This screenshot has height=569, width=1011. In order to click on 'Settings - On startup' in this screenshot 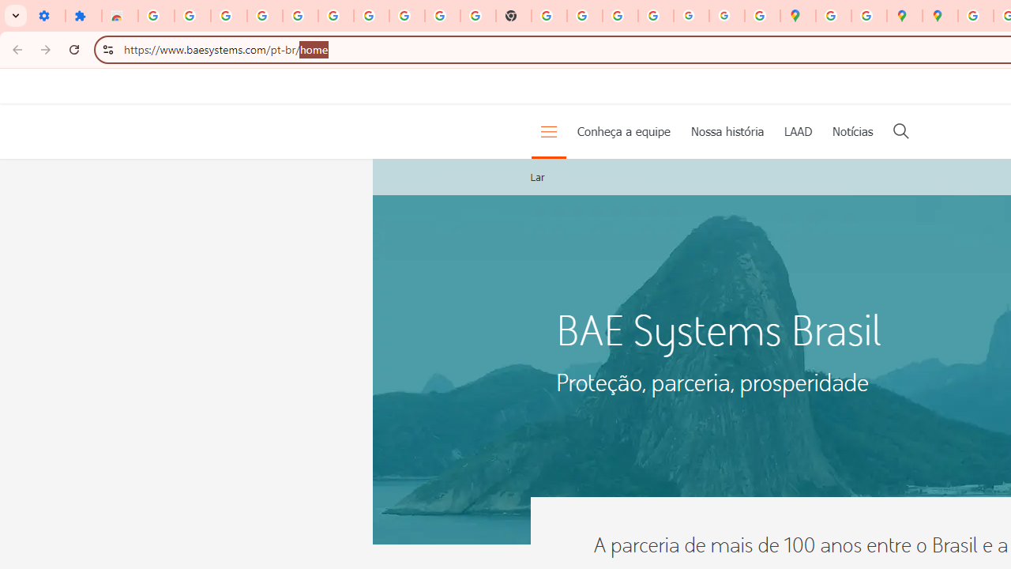, I will do `click(47, 16)`.